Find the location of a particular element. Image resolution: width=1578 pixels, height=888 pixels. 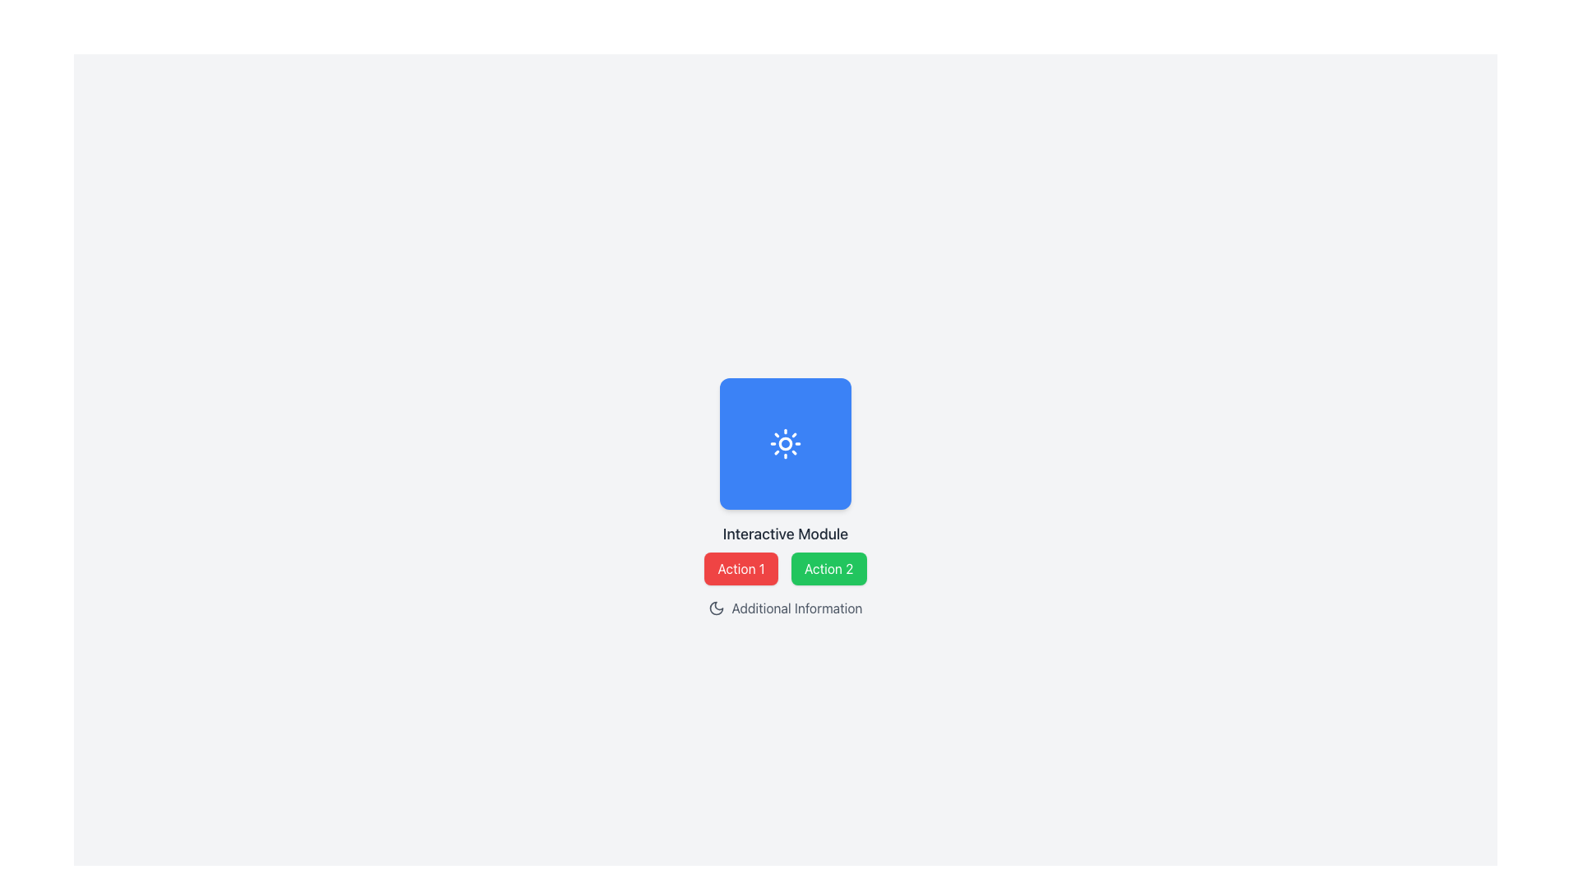

the central icon that indicates a theme or feature related to light or brightness is located at coordinates (784, 444).